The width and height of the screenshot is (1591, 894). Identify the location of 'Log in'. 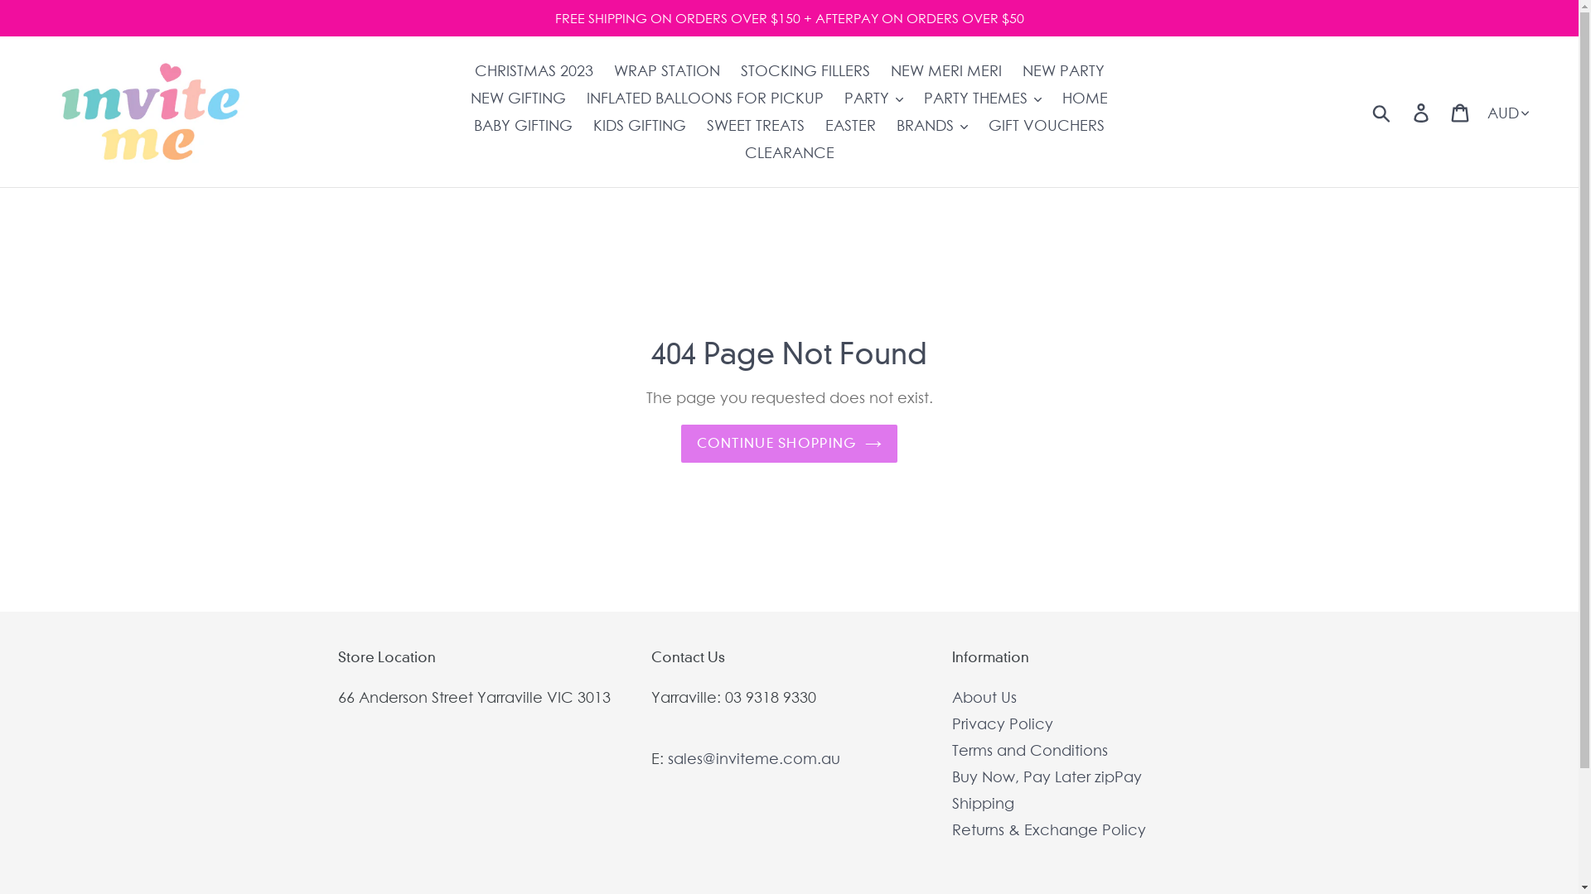
(1402, 112).